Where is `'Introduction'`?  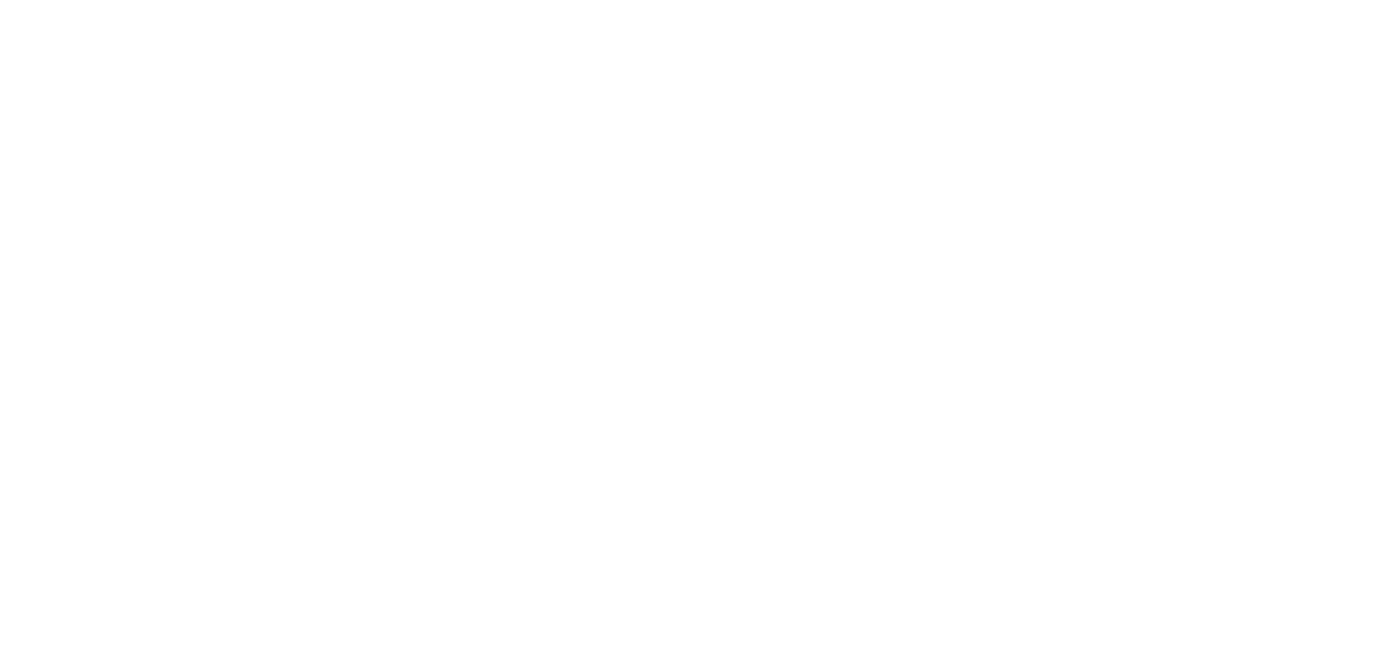
'Introduction' is located at coordinates (796, 513).